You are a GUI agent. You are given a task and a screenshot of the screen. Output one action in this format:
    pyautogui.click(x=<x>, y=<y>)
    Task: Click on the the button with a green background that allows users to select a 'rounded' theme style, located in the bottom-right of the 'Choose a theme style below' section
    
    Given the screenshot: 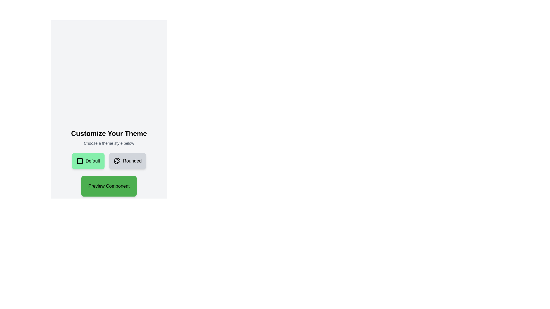 What is the action you would take?
    pyautogui.click(x=127, y=161)
    